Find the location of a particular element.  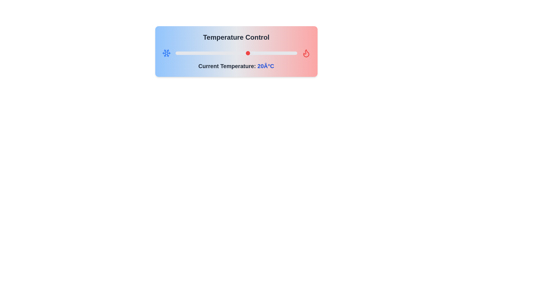

the snowflake icon to interact with it is located at coordinates (166, 53).